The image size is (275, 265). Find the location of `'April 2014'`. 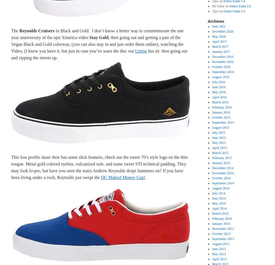

'April 2014' is located at coordinates (219, 209).